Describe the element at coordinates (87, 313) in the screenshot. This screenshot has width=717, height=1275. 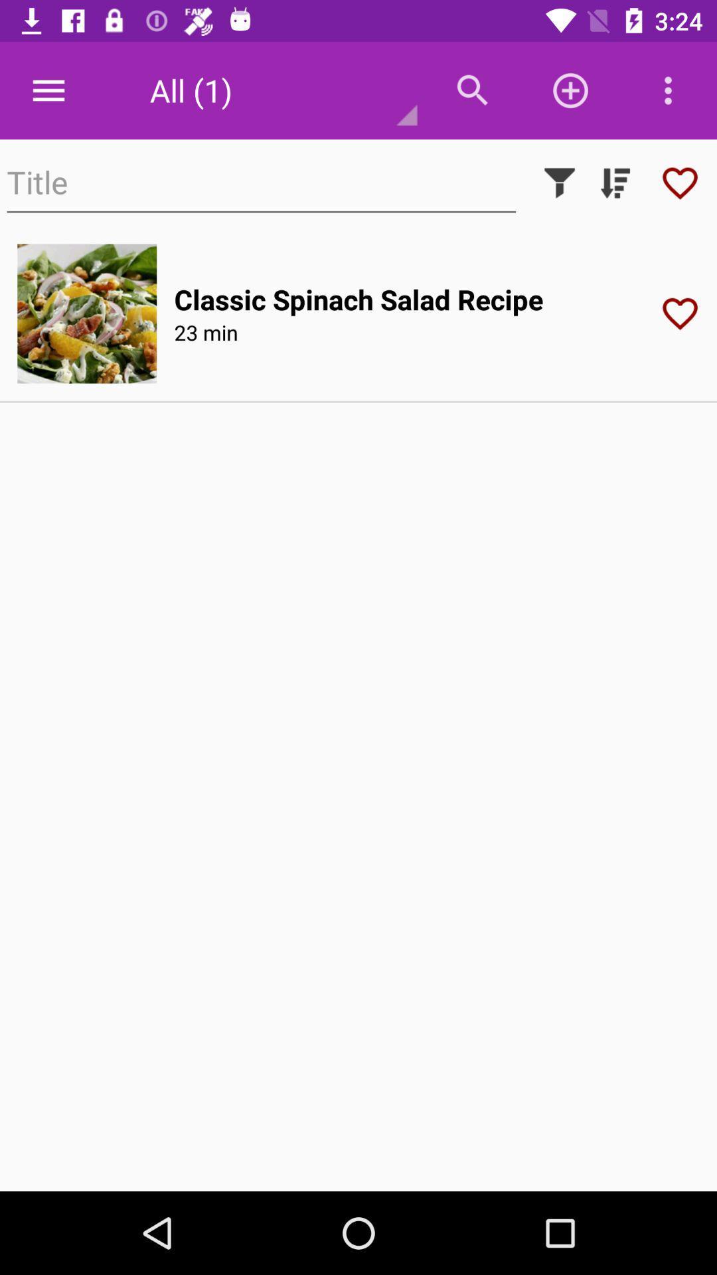
I see `choose a meal option` at that location.